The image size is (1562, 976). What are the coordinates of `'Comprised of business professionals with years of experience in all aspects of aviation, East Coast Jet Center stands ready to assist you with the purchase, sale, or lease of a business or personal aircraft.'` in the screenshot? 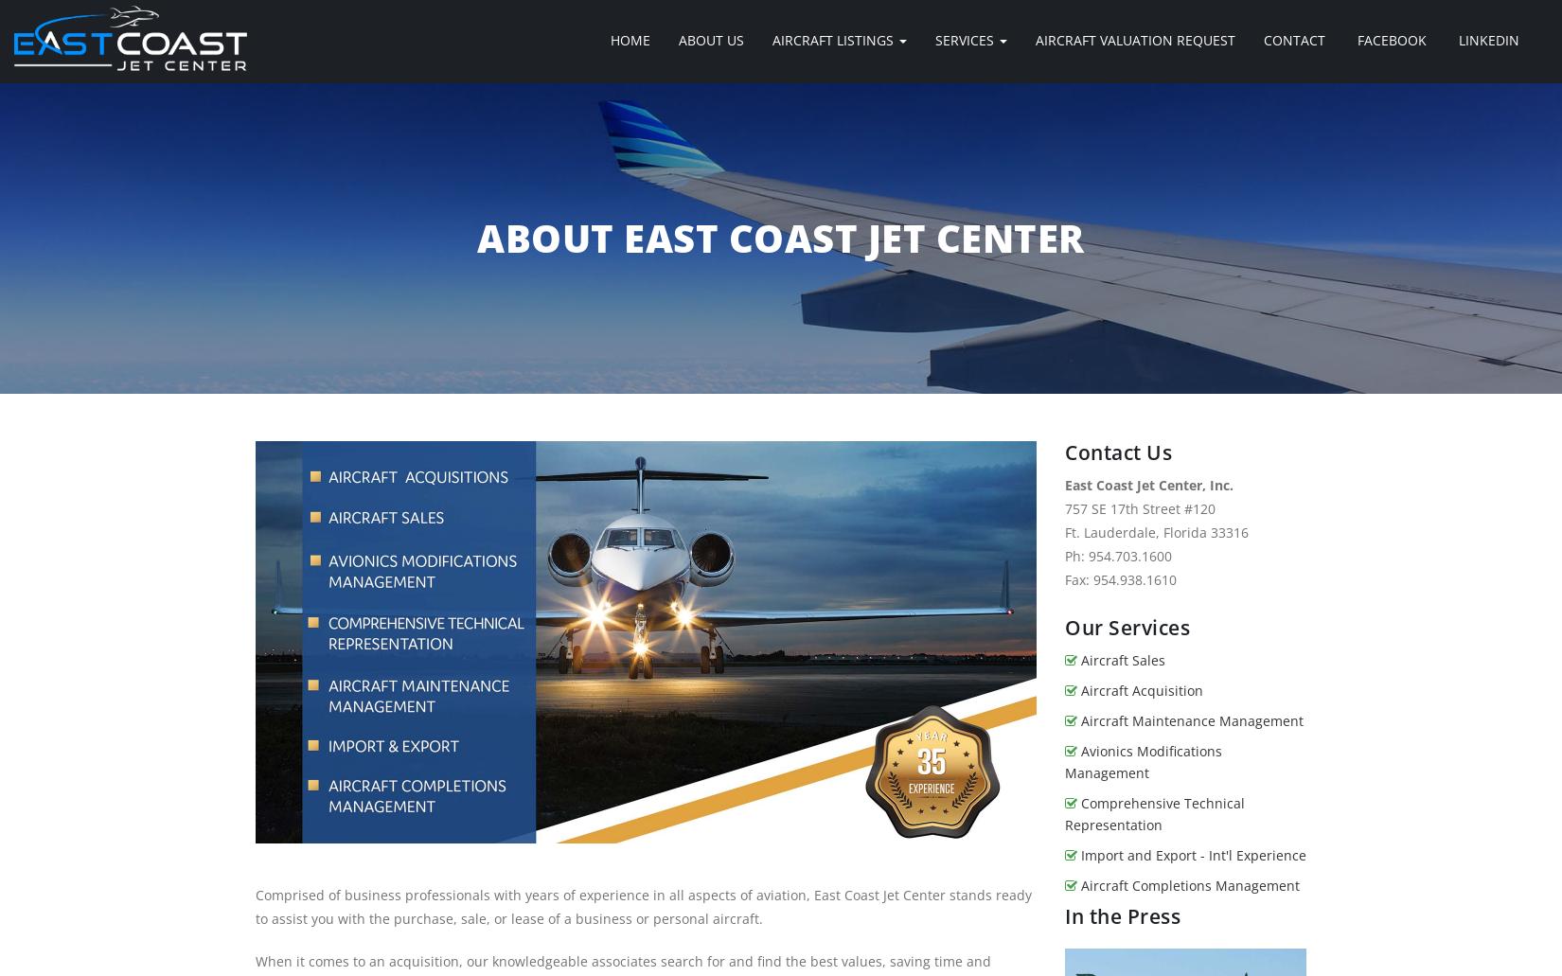 It's located at (642, 906).